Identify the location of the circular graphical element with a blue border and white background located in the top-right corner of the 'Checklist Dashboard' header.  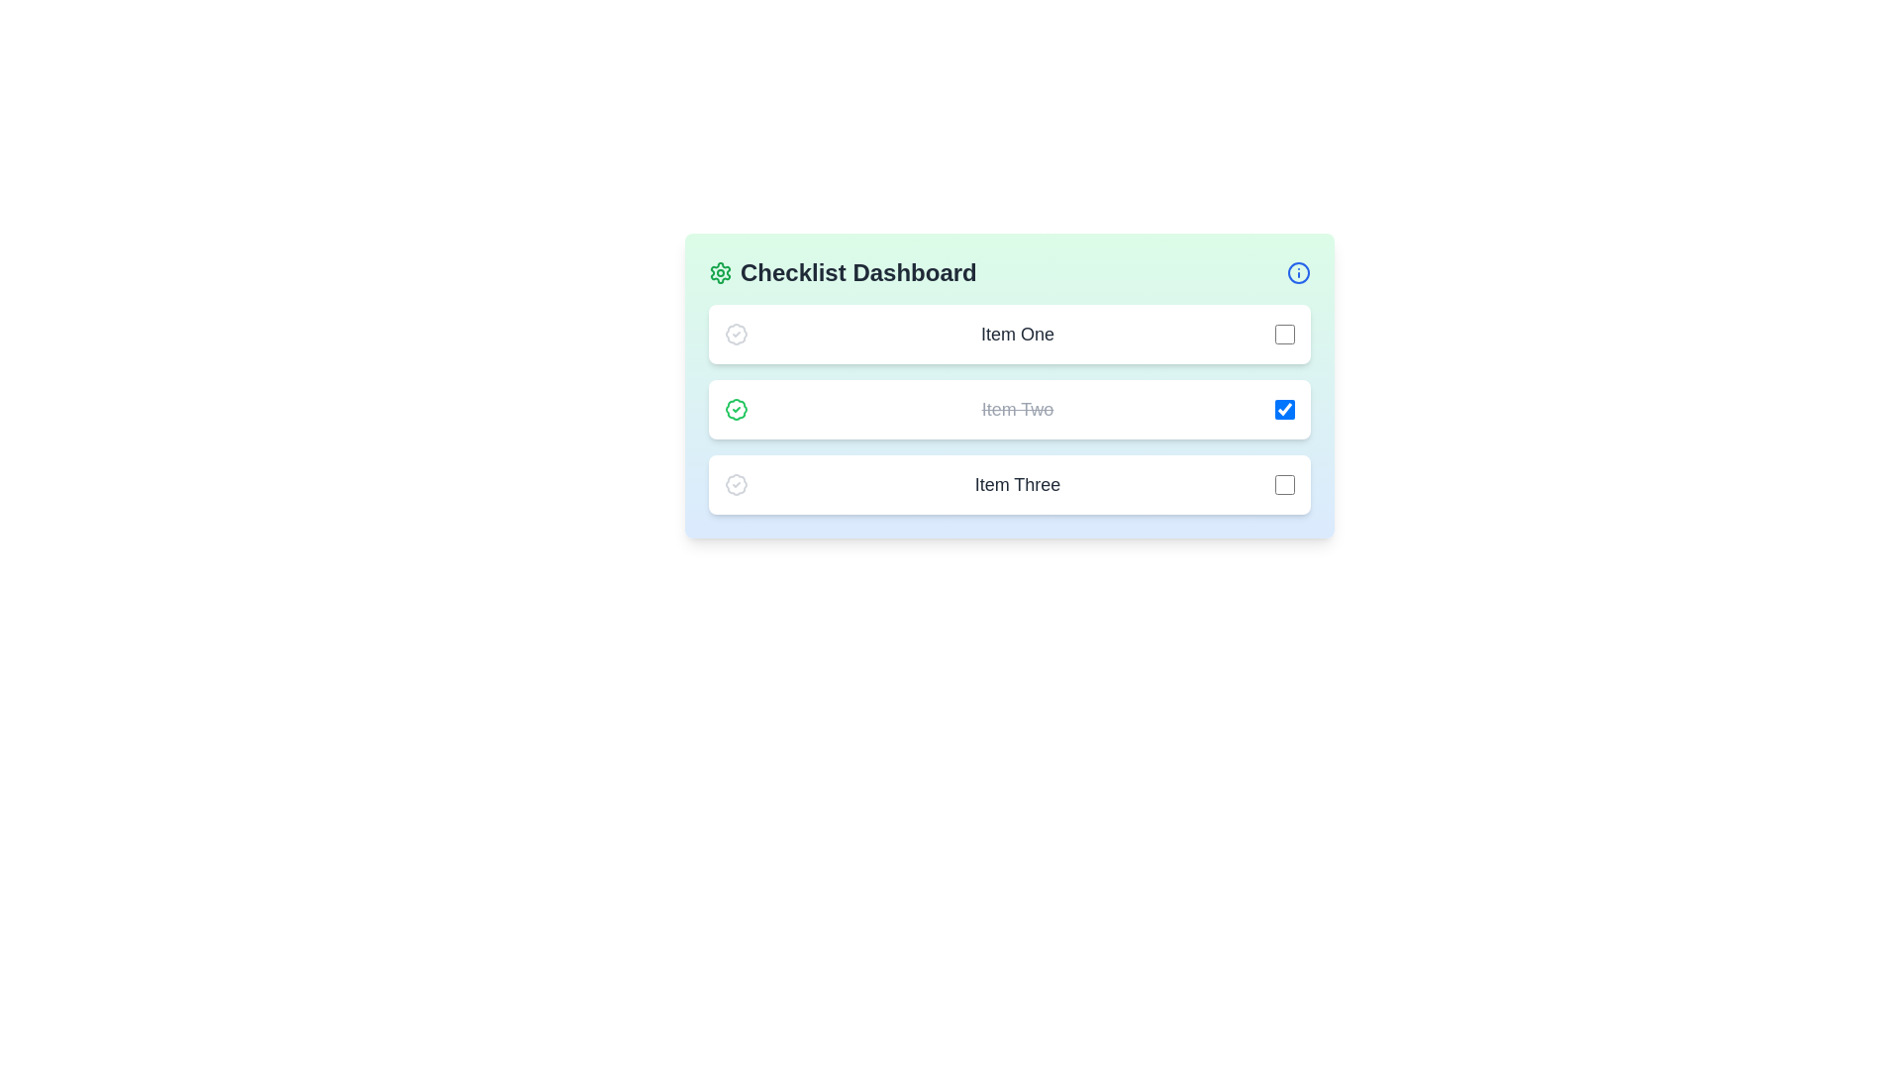
(1298, 273).